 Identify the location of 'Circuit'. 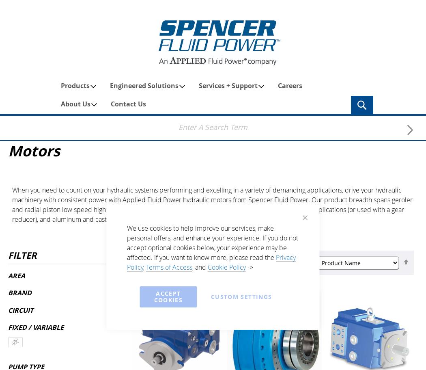
(20, 309).